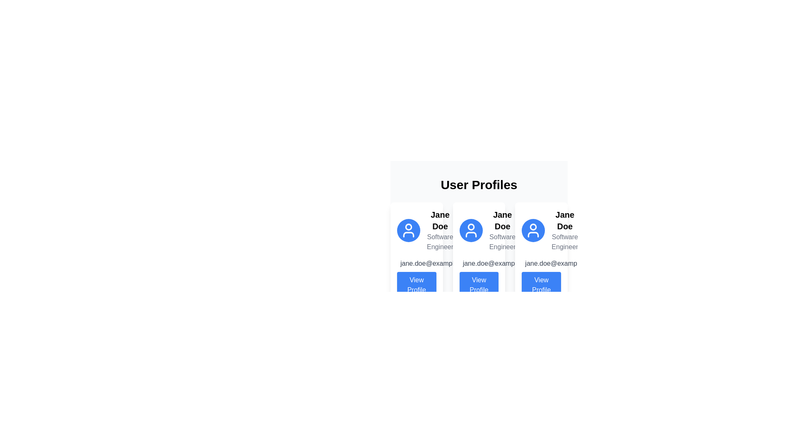 The height and width of the screenshot is (447, 795). Describe the element at coordinates (479, 230) in the screenshot. I see `the Profile Icon representing 'Jane Doe' located in the second card under 'User Profiles'` at that location.